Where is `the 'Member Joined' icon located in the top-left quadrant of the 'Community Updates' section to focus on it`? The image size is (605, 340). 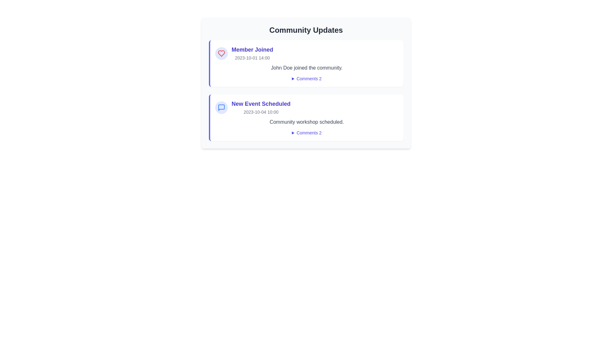
the 'Member Joined' icon located in the top-left quadrant of the 'Community Updates' section to focus on it is located at coordinates (221, 53).